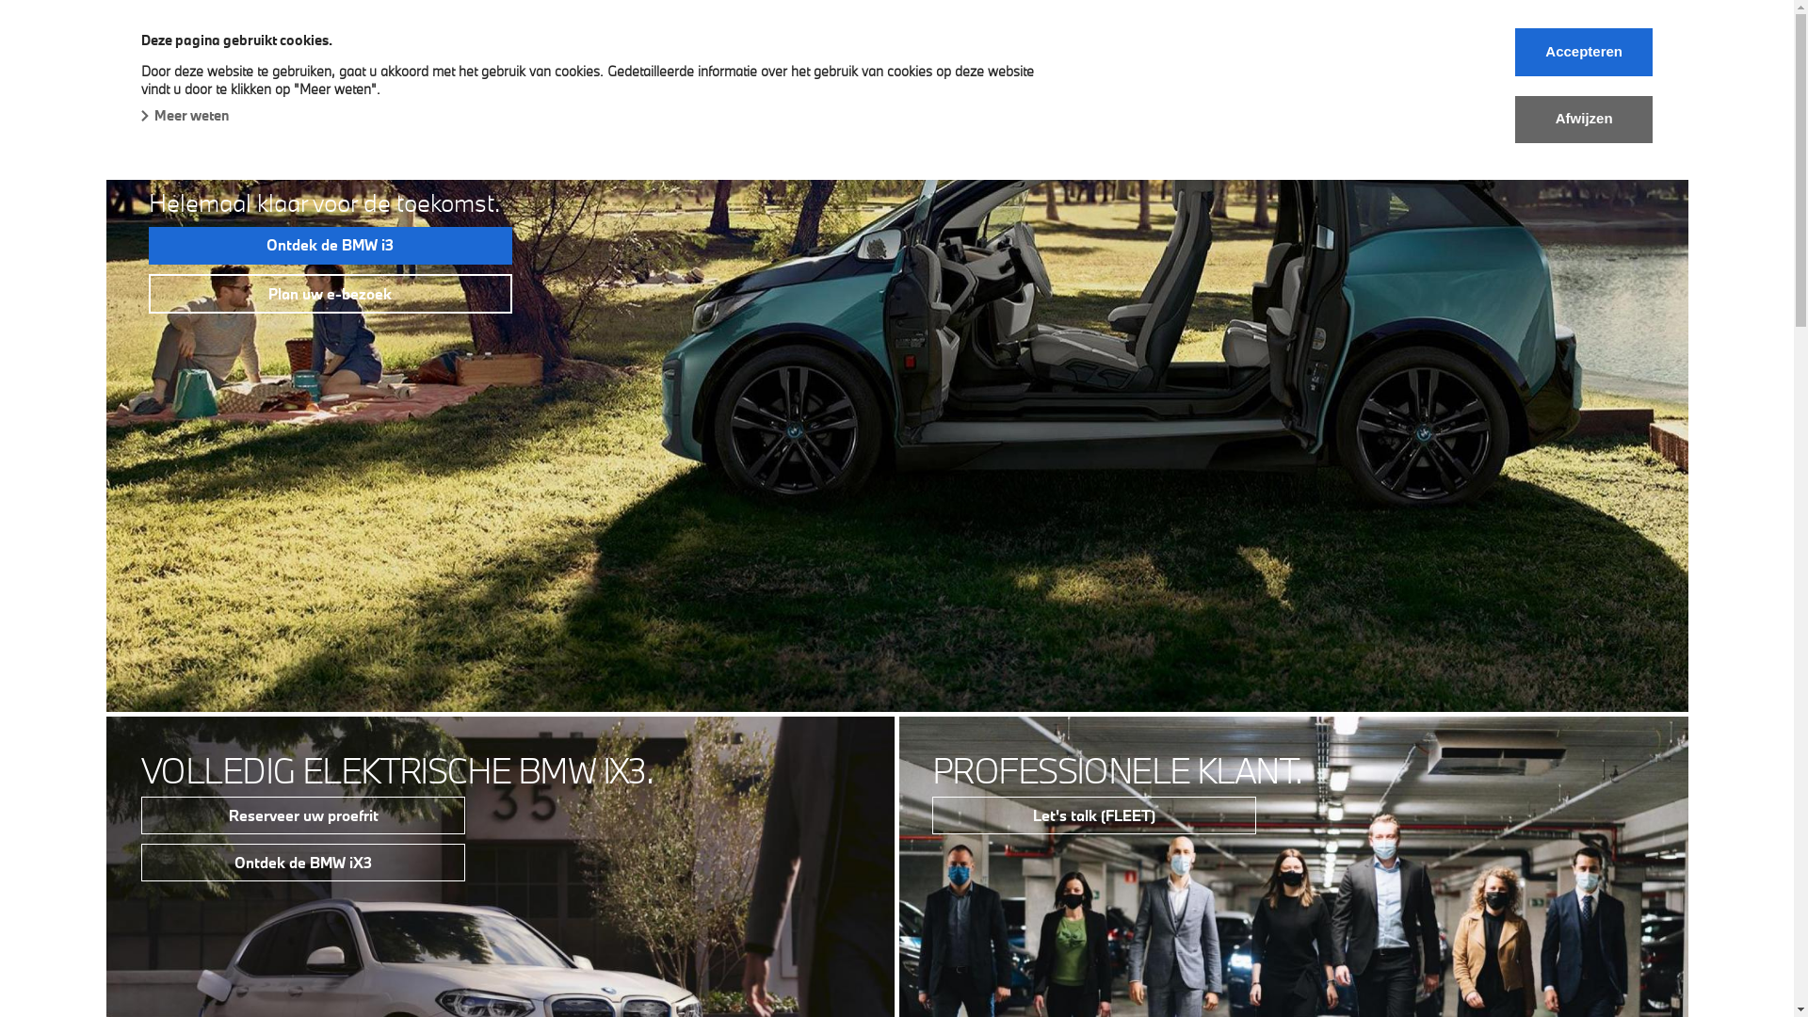 The image size is (1808, 1017). I want to click on 'Ontdek de BMW i3', so click(330, 245).